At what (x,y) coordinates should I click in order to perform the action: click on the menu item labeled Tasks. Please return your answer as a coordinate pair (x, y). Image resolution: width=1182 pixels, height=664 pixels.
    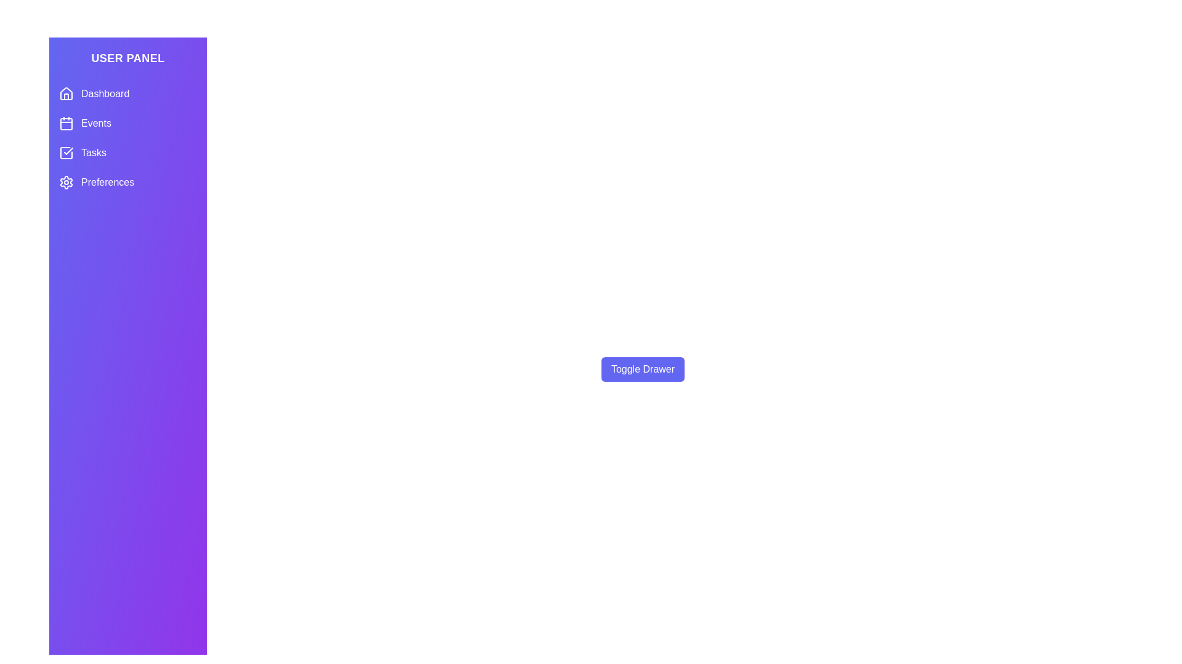
    Looking at the image, I should click on (127, 152).